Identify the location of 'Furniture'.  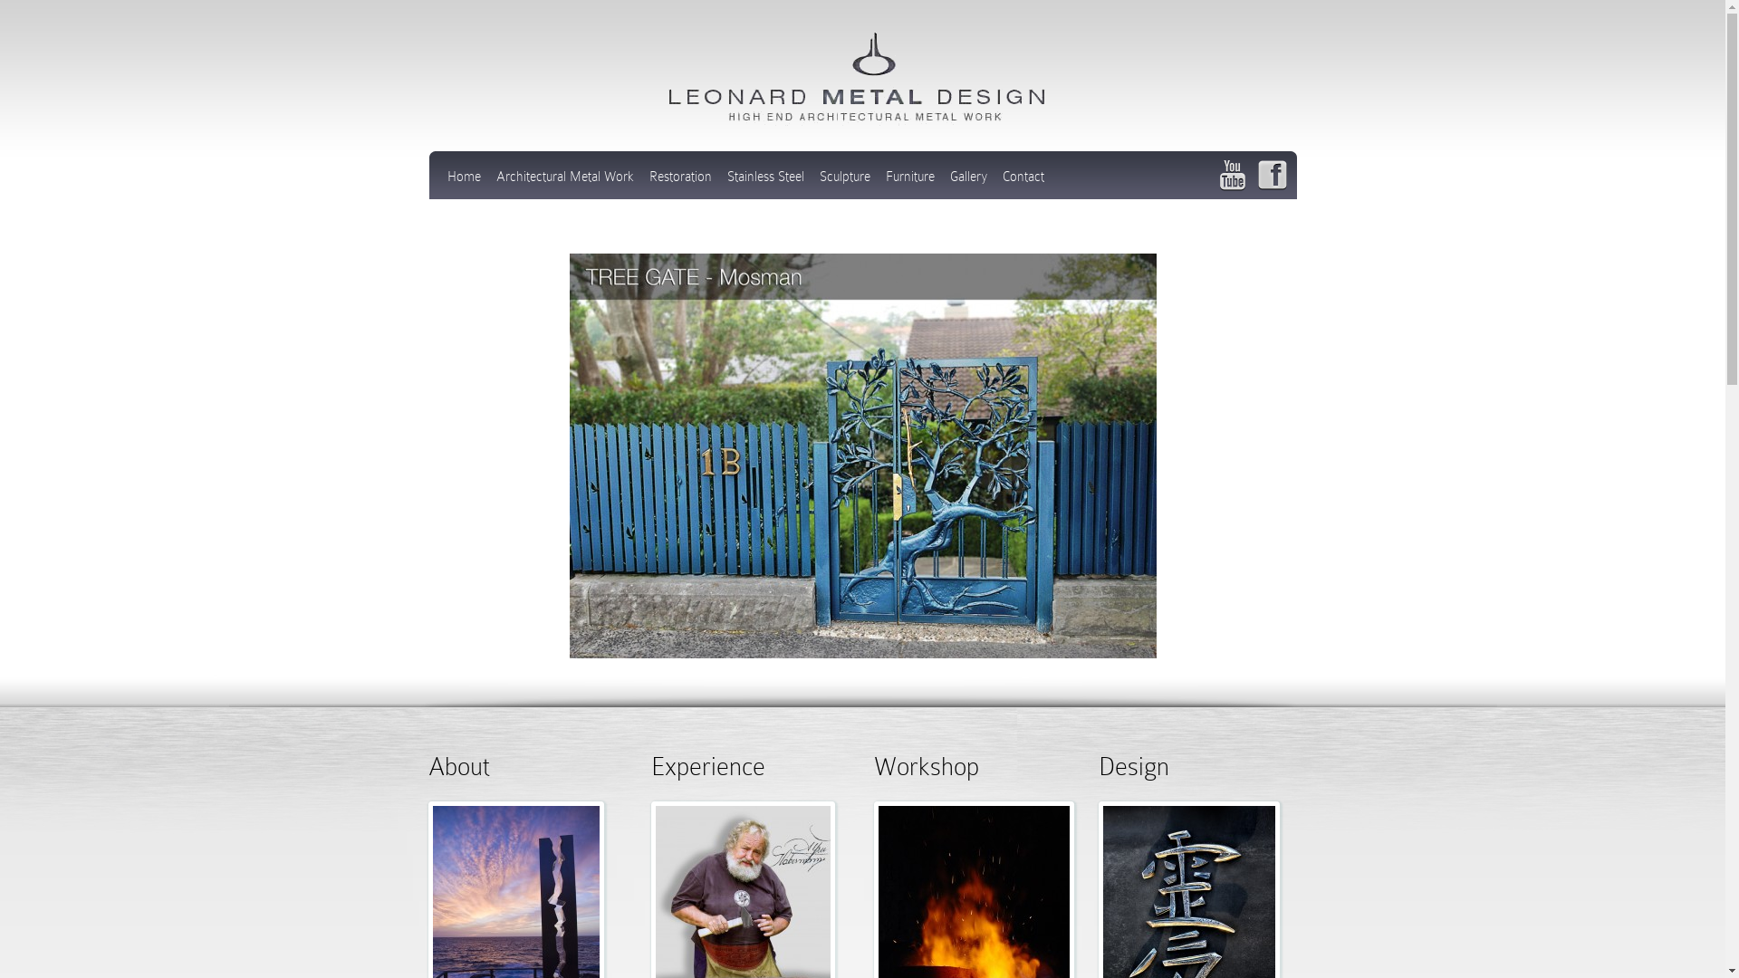
(909, 182).